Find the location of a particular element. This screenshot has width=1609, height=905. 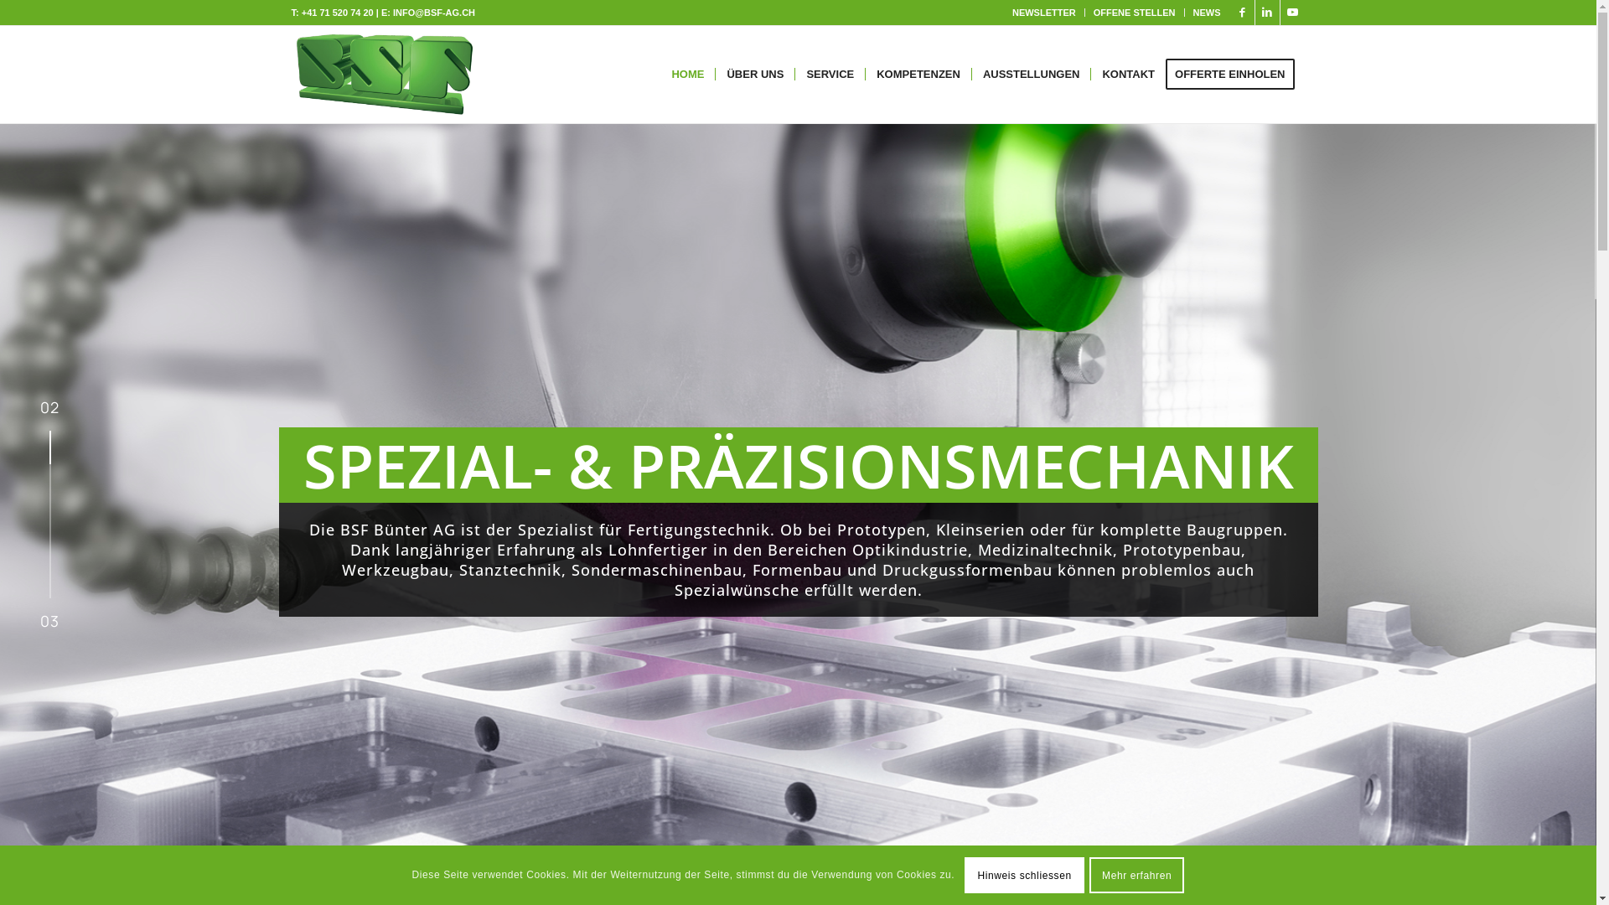

'NEWSLETTER' is located at coordinates (1043, 13).